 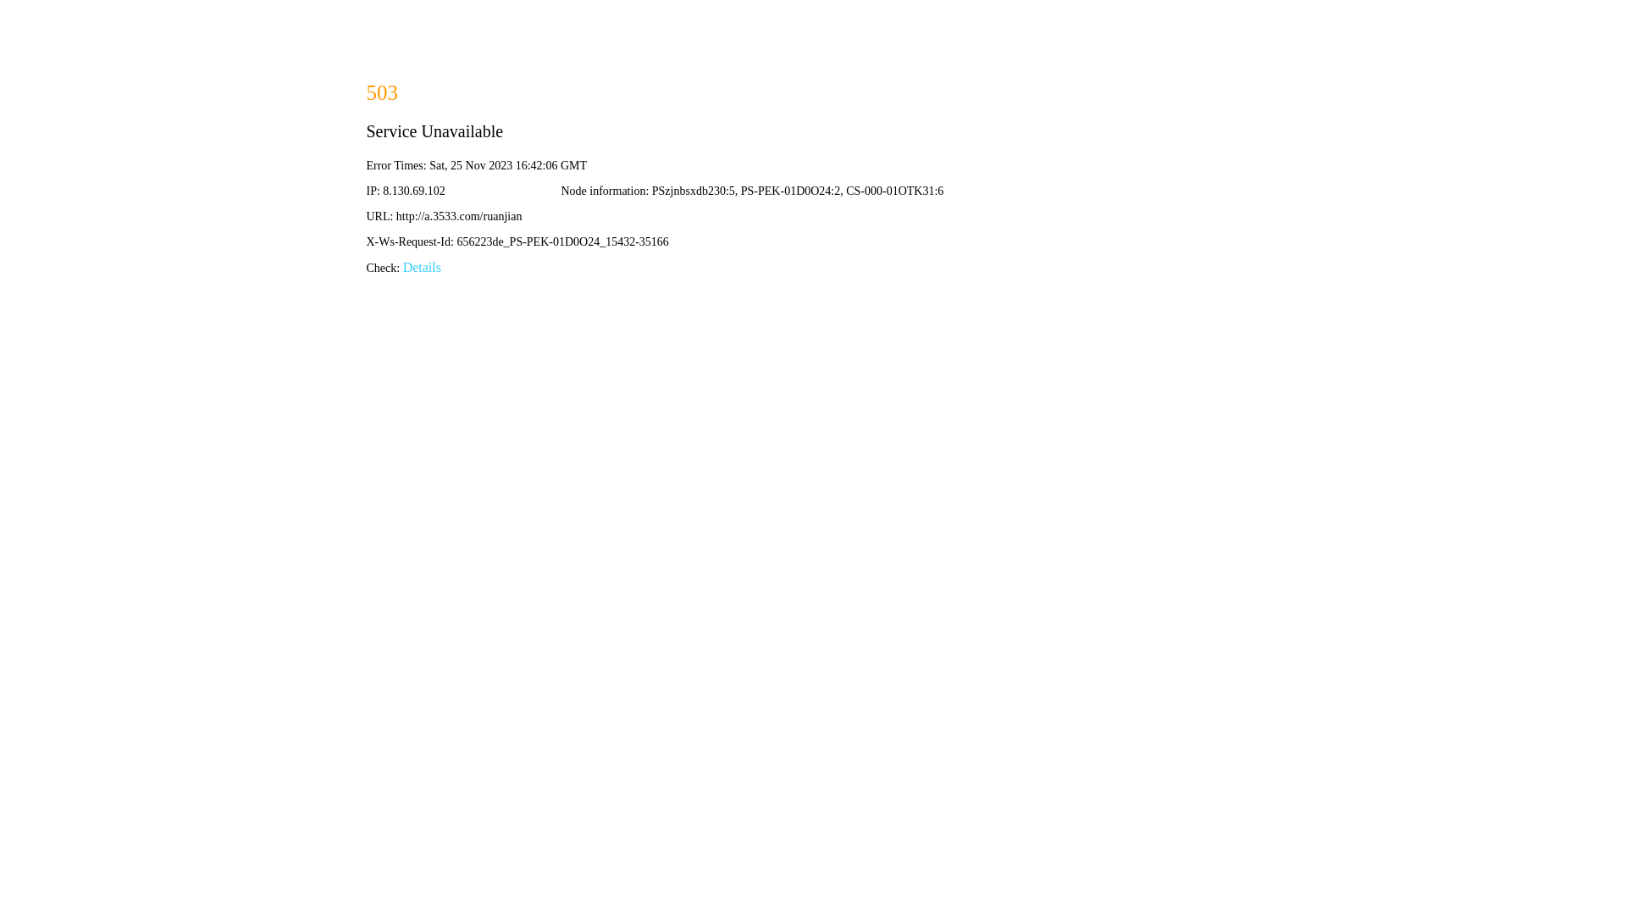 What do you see at coordinates (422, 267) in the screenshot?
I see `'Details'` at bounding box center [422, 267].